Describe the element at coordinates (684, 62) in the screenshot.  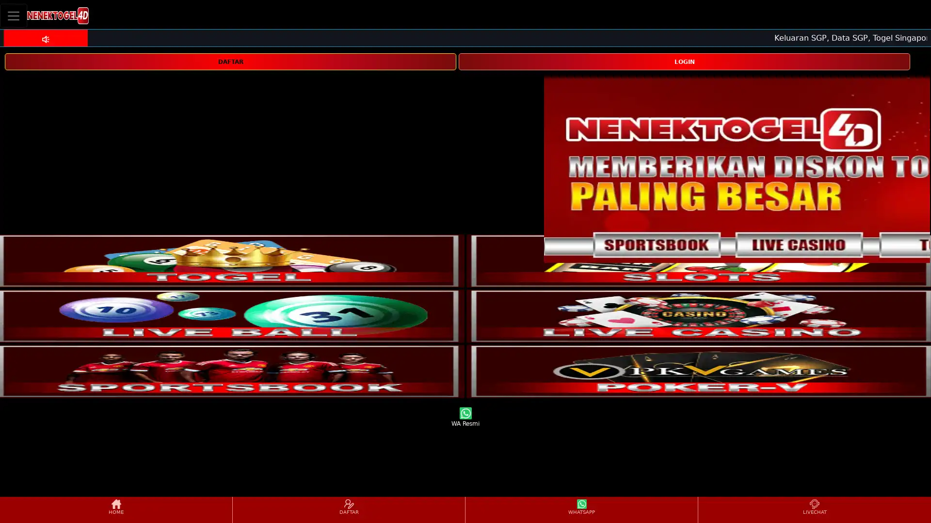
I see `LOGIN` at that location.